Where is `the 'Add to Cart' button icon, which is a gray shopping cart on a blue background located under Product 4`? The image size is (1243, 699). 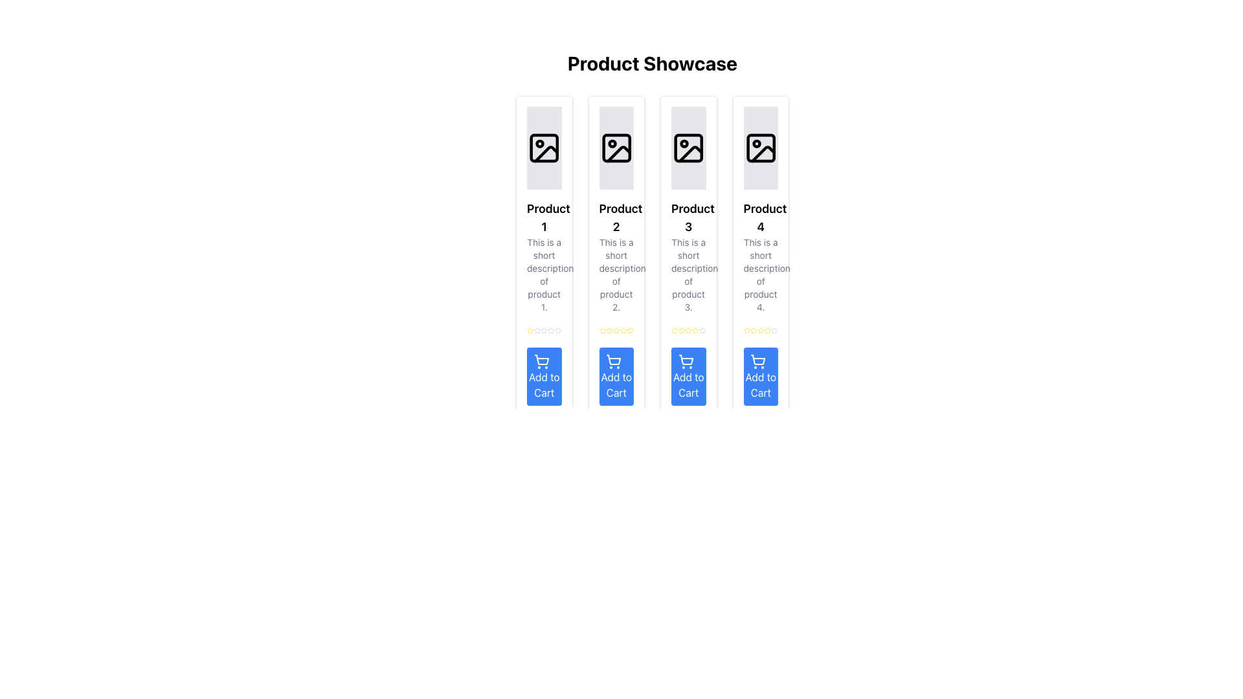
the 'Add to Cart' button icon, which is a gray shopping cart on a blue background located under Product 4 is located at coordinates (758, 359).